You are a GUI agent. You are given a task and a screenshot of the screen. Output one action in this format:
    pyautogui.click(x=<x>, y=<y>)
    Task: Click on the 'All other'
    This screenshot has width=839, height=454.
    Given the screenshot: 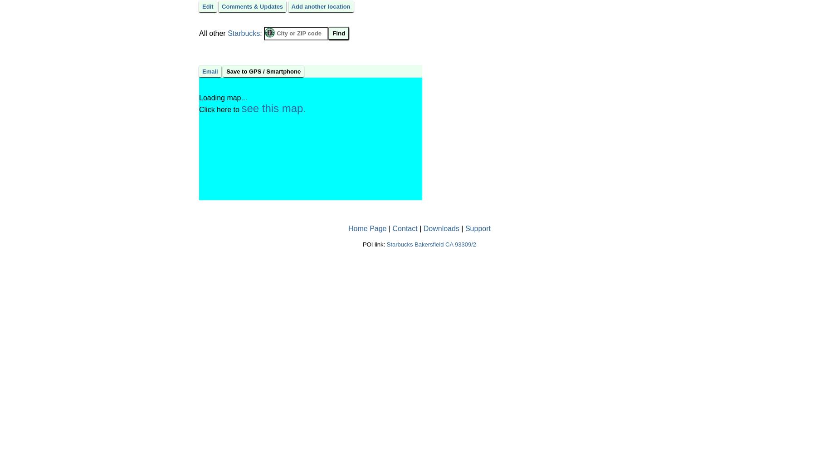 What is the action you would take?
    pyautogui.click(x=213, y=32)
    